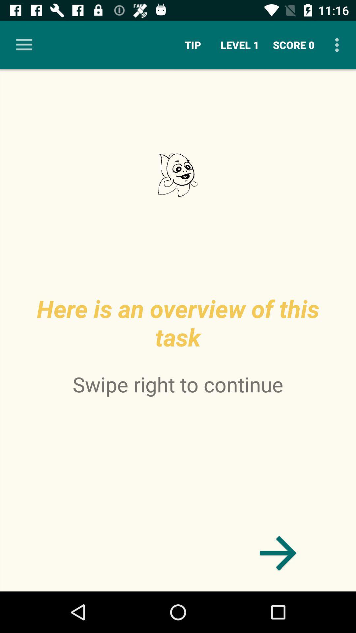 Image resolution: width=356 pixels, height=633 pixels. What do you see at coordinates (24, 45) in the screenshot?
I see `item to the left of the tip icon` at bounding box center [24, 45].